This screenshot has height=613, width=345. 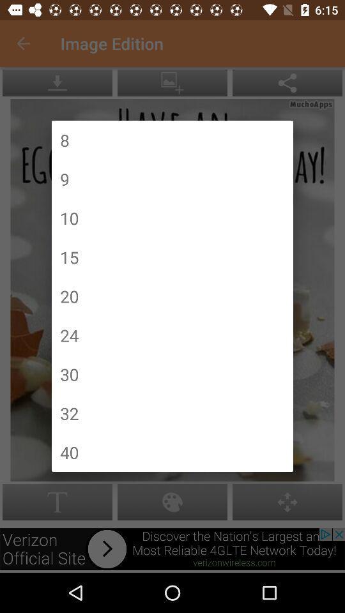 I want to click on 10, so click(x=69, y=218).